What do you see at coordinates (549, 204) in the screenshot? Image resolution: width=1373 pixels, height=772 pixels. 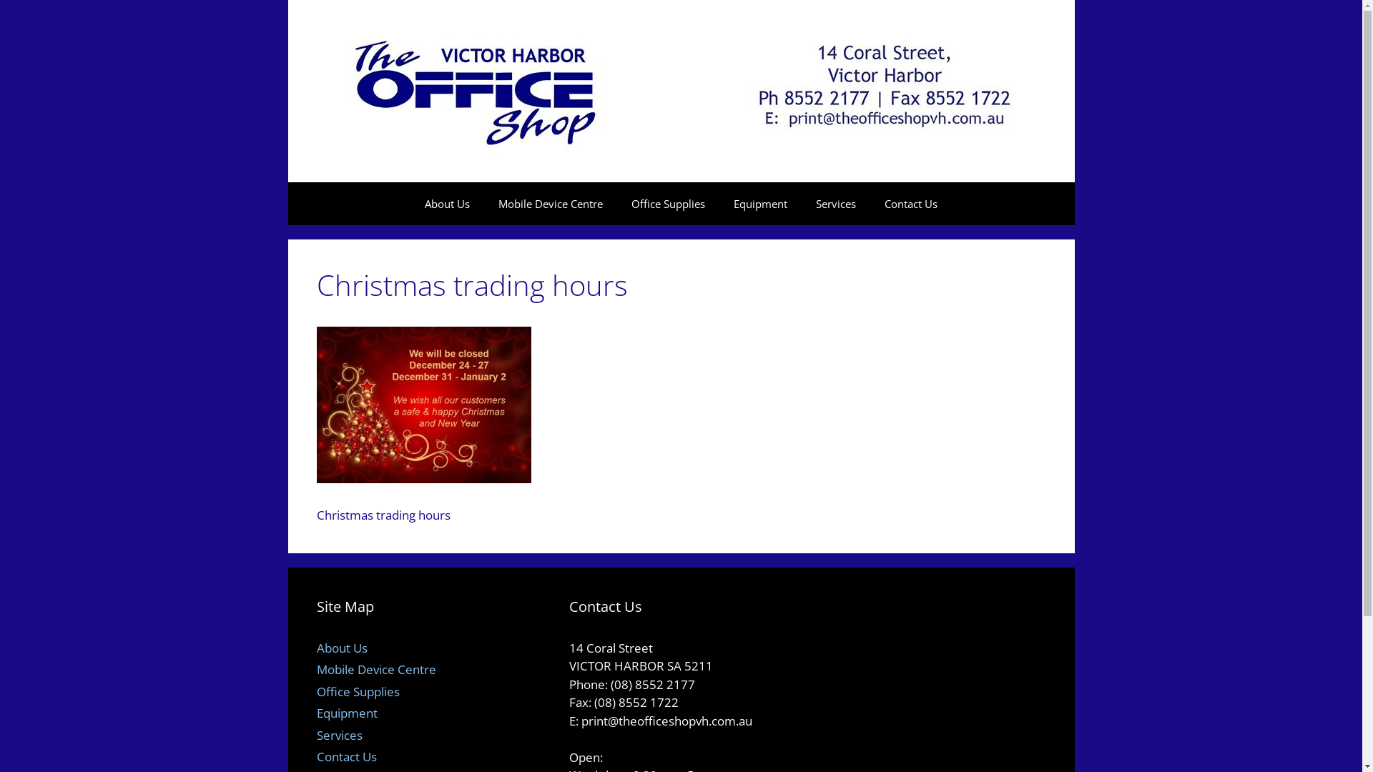 I see `'Mobile Device Centre'` at bounding box center [549, 204].